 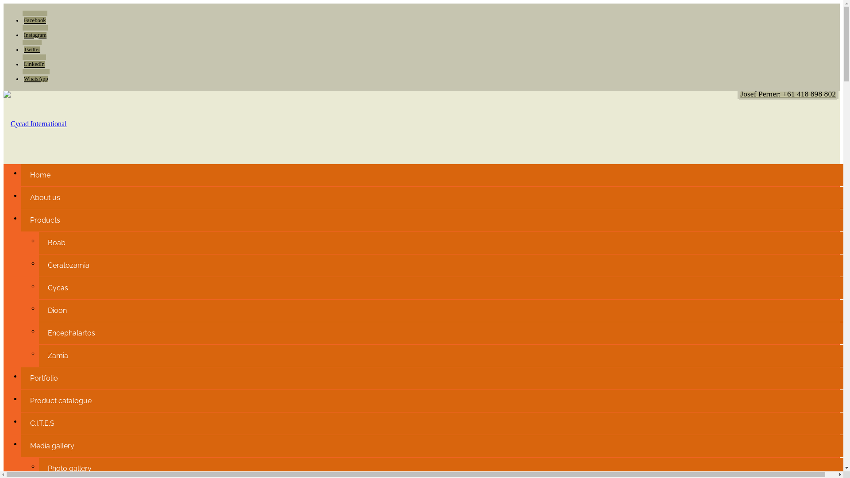 I want to click on 'Josef Perner: +61 418 898 802', so click(x=788, y=94).